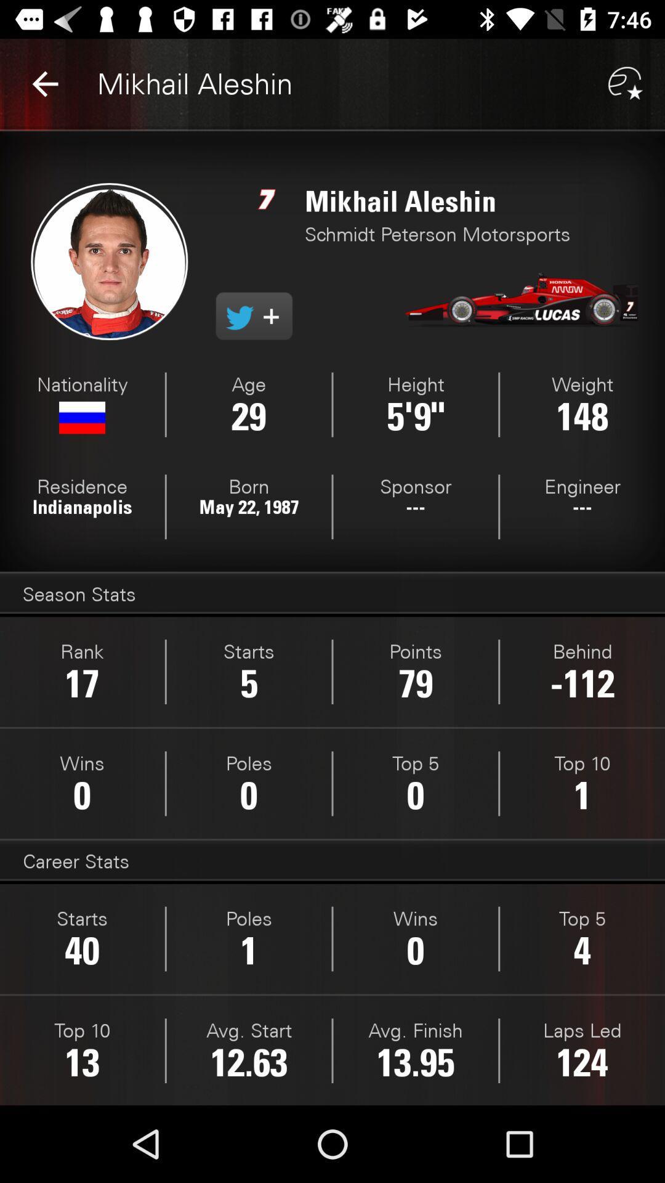  I want to click on the icon to the left of the mikhail aleshin, so click(44, 83).